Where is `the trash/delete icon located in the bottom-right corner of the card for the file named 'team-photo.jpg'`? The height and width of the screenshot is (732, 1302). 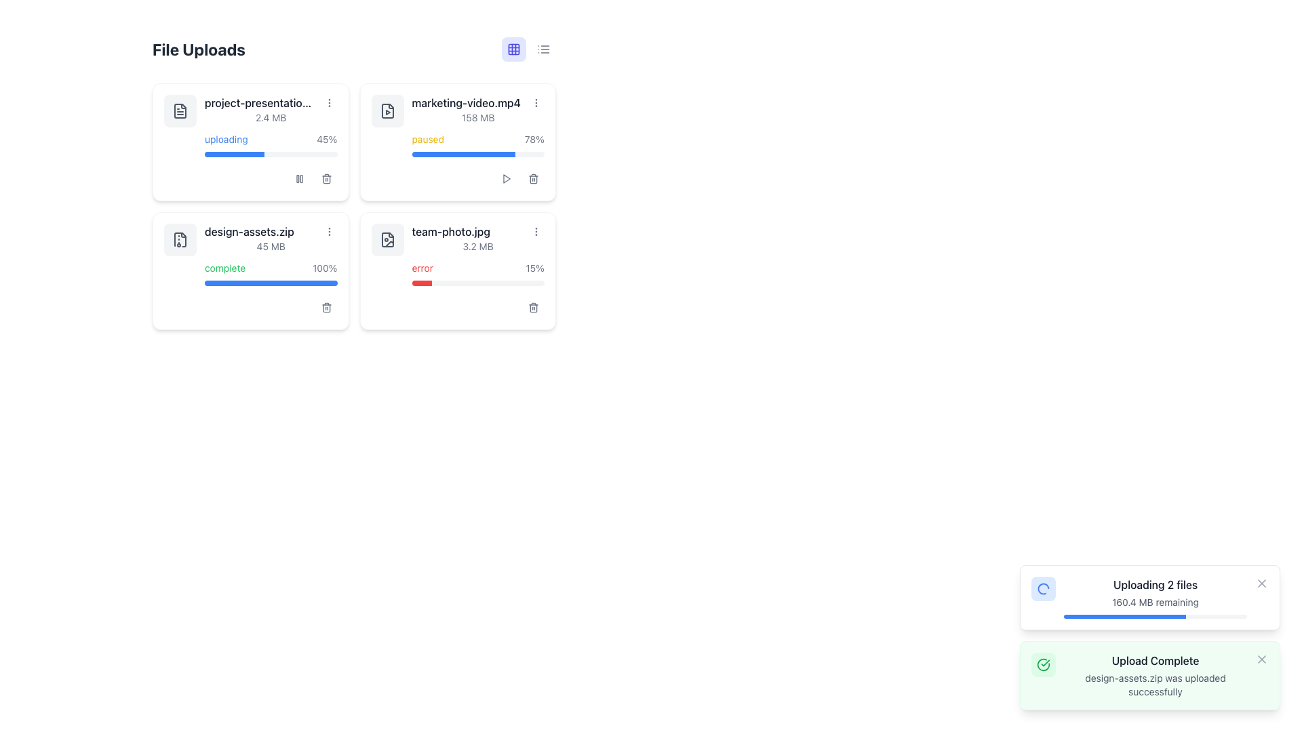
the trash/delete icon located in the bottom-right corner of the card for the file named 'team-photo.jpg' is located at coordinates (533, 308).